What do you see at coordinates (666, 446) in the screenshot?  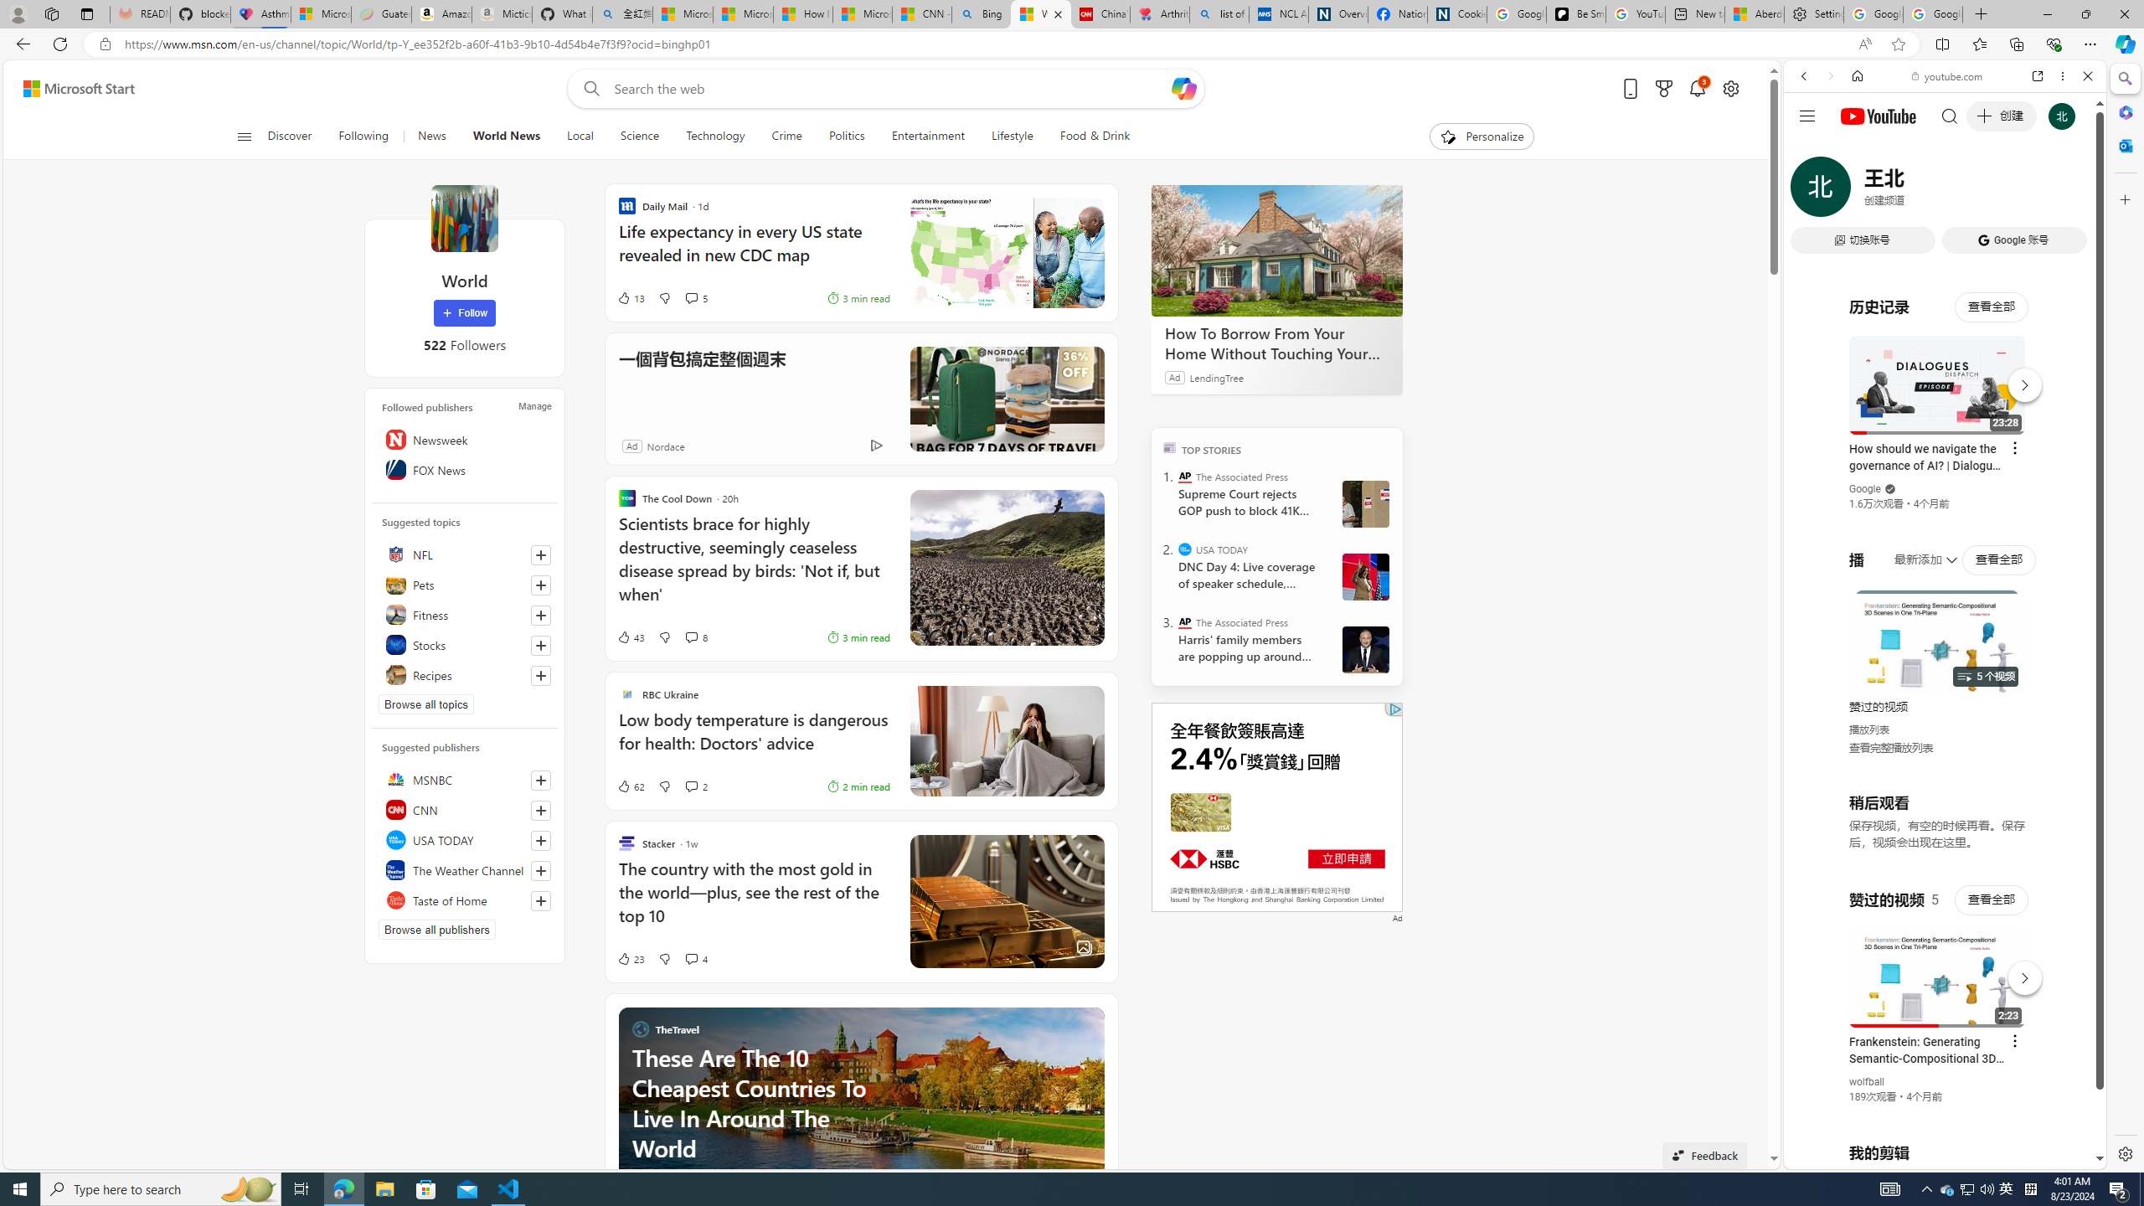 I see `'Nordace'` at bounding box center [666, 446].